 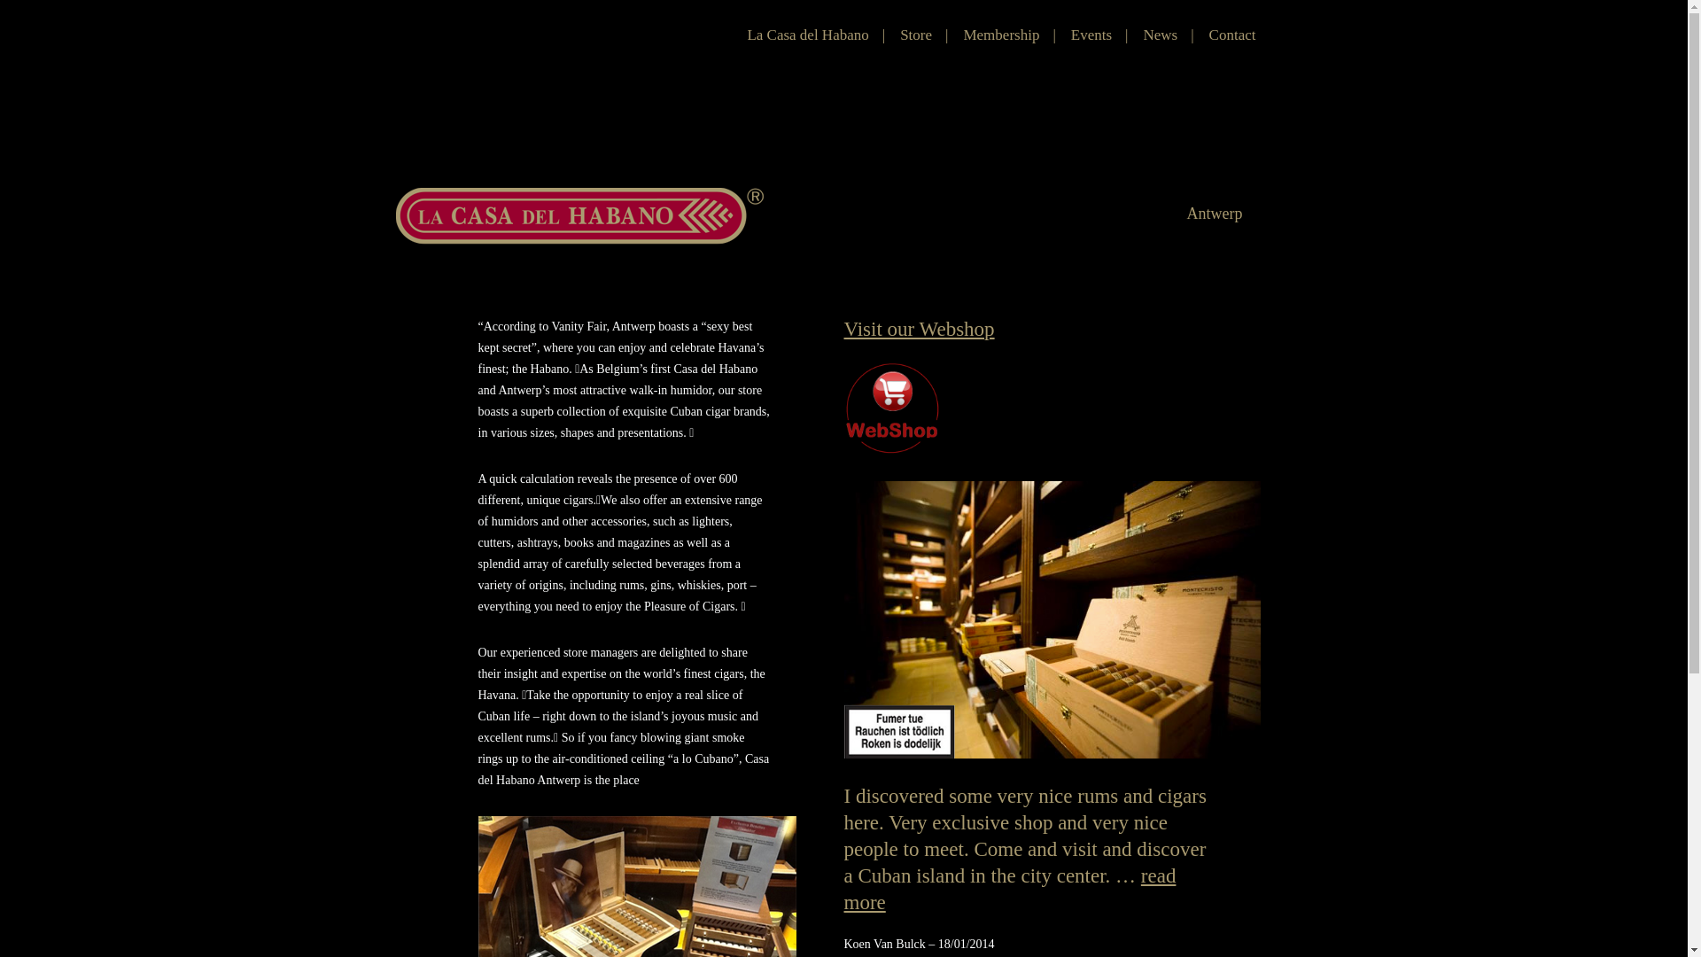 What do you see at coordinates (891, 407) in the screenshot?
I see `'Webshop'` at bounding box center [891, 407].